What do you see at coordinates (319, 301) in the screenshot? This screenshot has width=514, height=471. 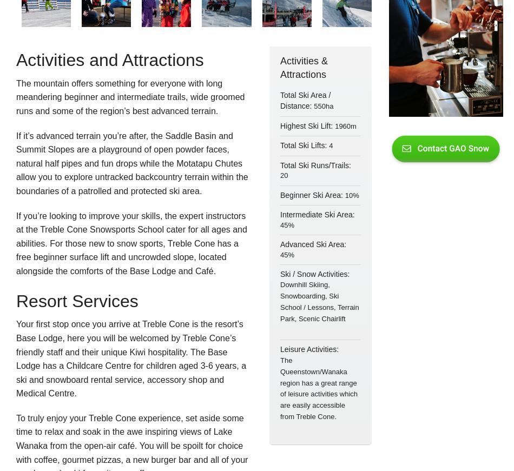 I see `'Downhill Skiing, Snowboarding, Ski School / Lessons, Terrain Park, Scenic Chairlift'` at bounding box center [319, 301].